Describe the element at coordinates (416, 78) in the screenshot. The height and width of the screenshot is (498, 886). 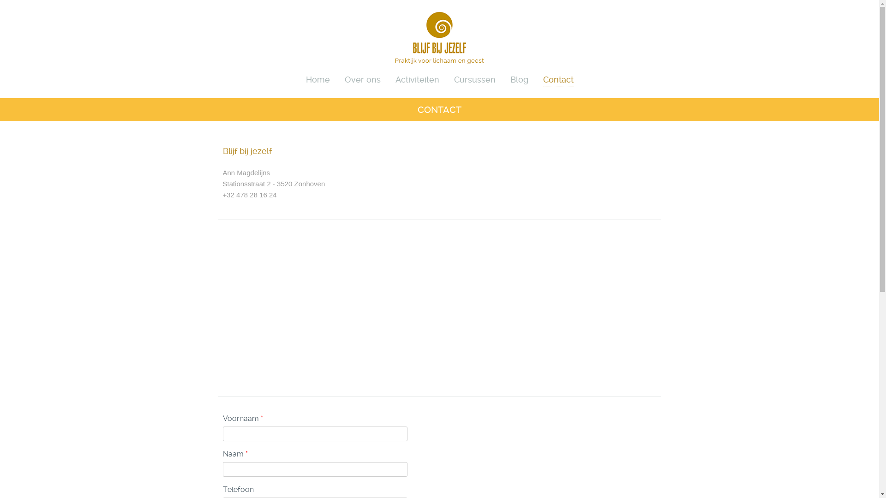
I see `'Activiteiten'` at that location.